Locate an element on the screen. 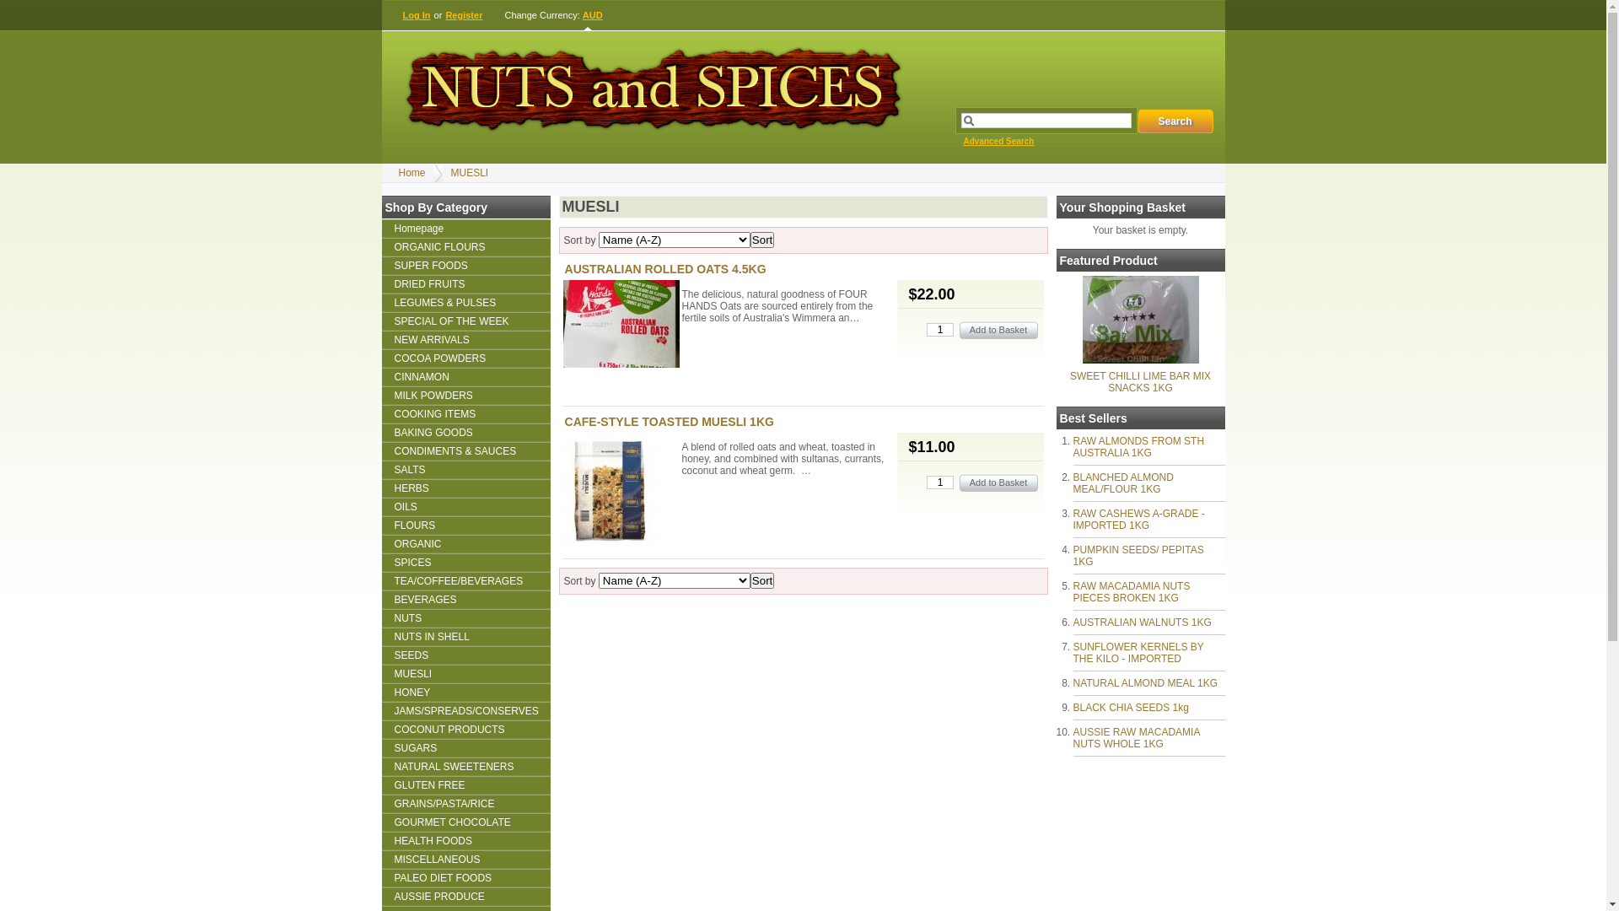 This screenshot has height=911, width=1619. 'OILS' is located at coordinates (465, 506).